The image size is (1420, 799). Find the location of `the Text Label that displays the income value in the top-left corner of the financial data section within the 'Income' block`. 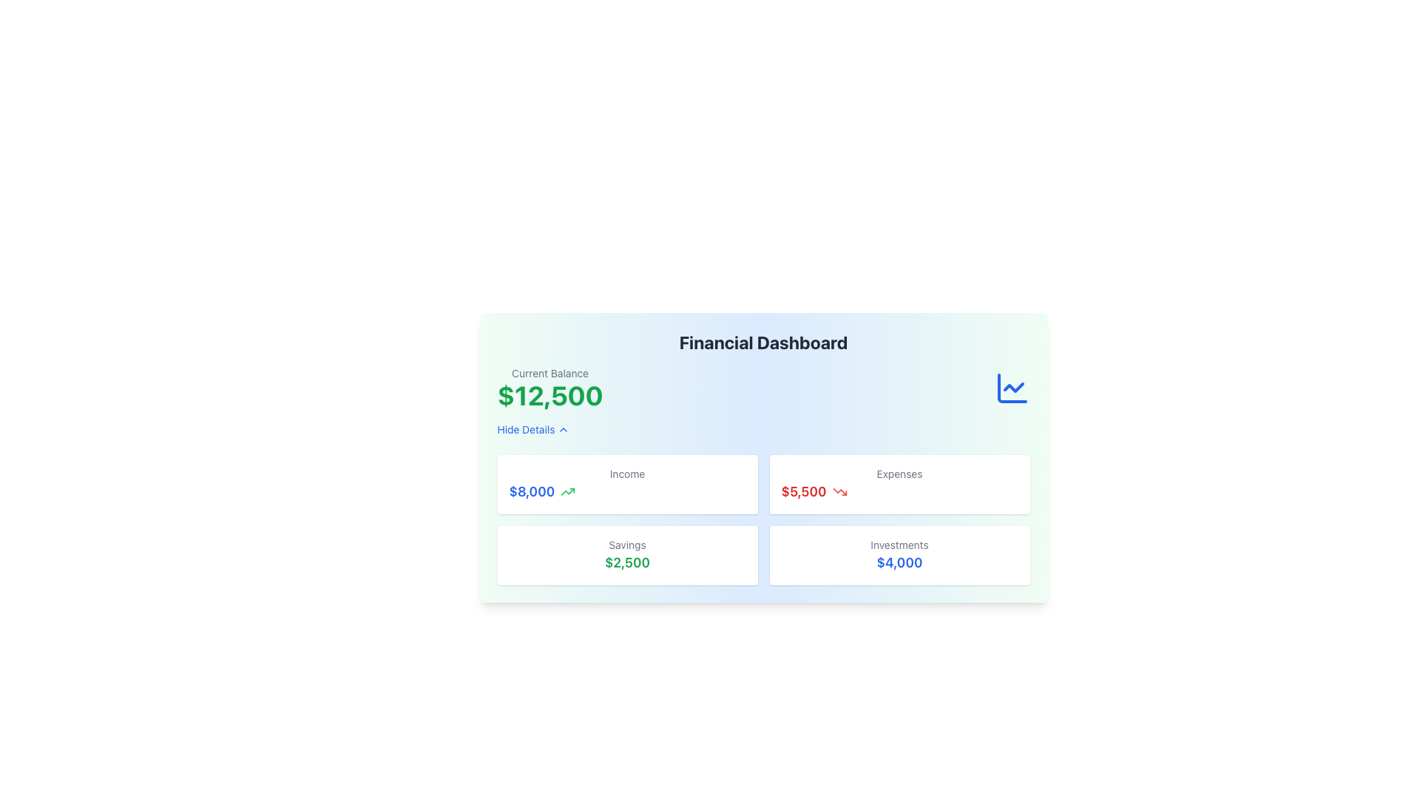

the Text Label that displays the income value in the top-left corner of the financial data section within the 'Income' block is located at coordinates (532, 491).